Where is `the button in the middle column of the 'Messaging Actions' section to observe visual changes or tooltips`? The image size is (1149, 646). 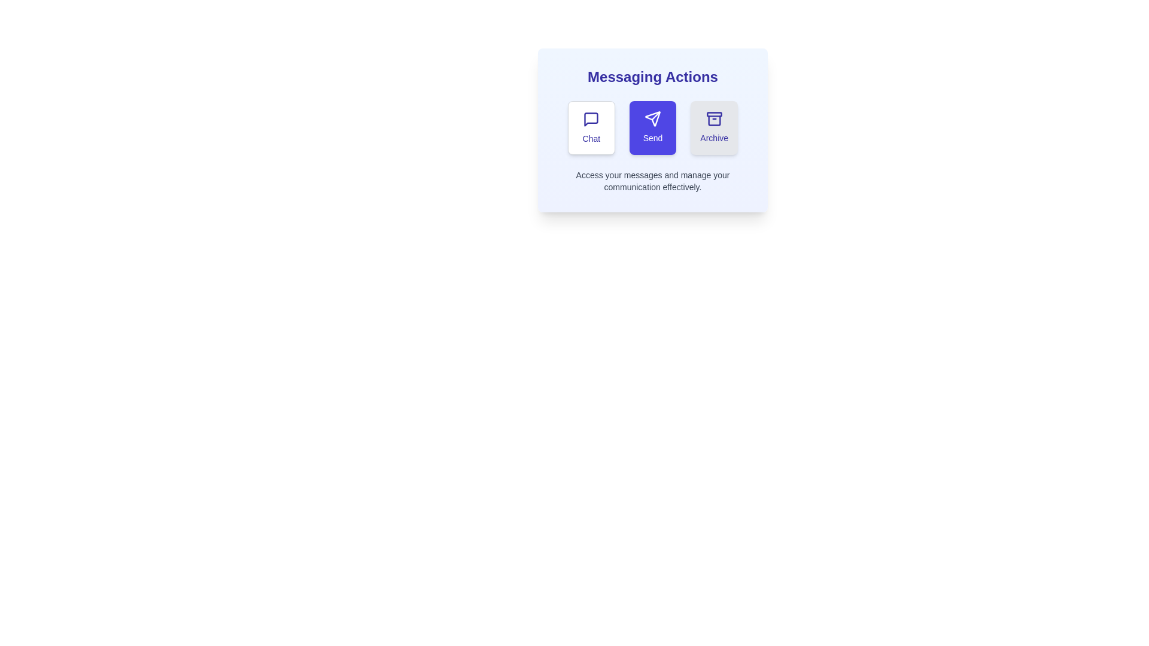 the button in the middle column of the 'Messaging Actions' section to observe visual changes or tooltips is located at coordinates (652, 127).